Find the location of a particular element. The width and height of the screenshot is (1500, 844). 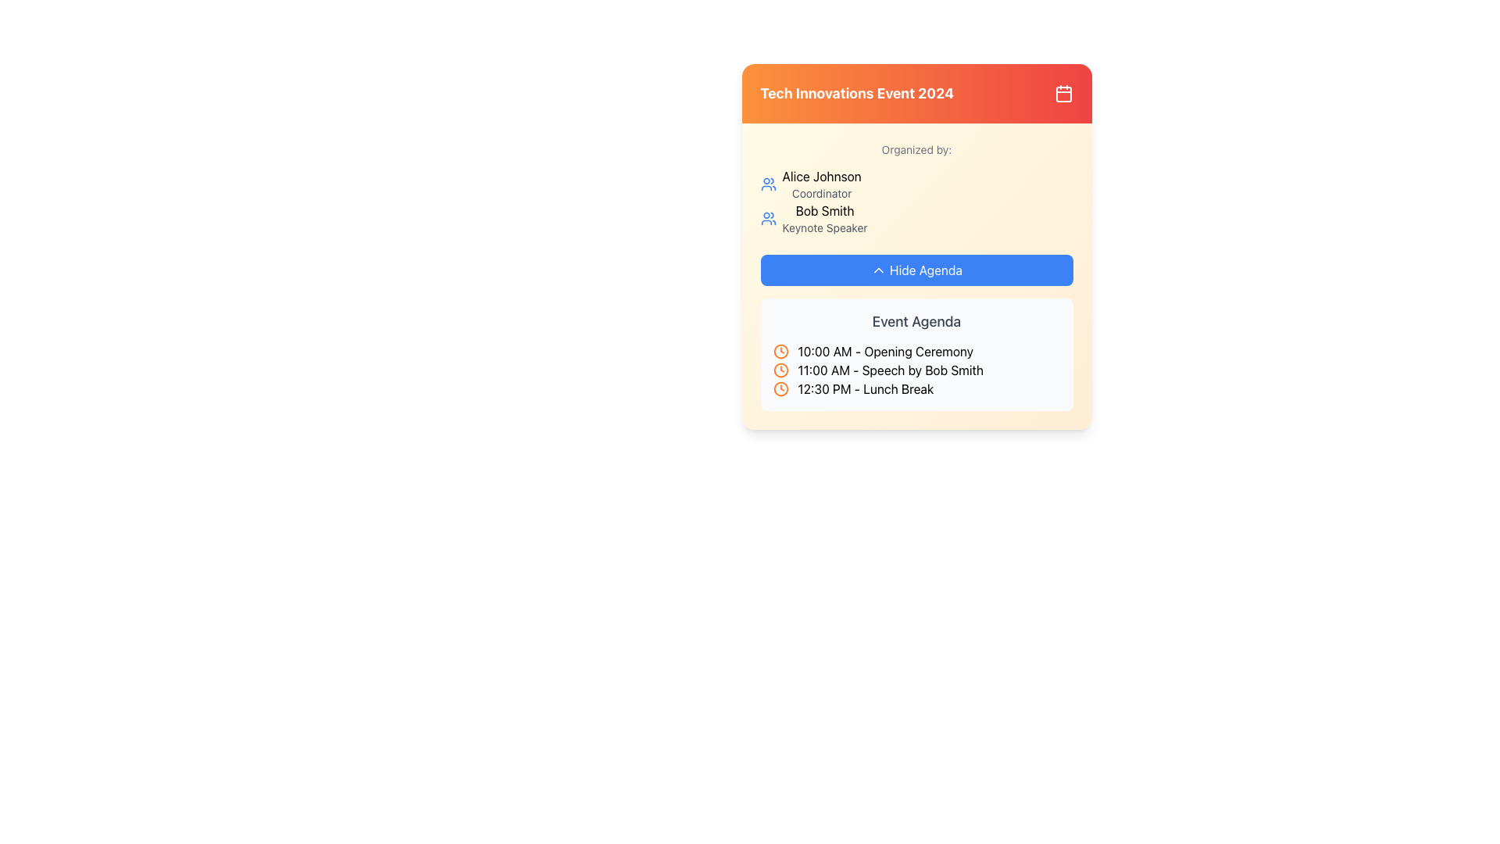

text content of the Text Label identifying 'Alice Johnson' with the title 'Coordinator', which is the first entry under the 'Organized by:' section is located at coordinates (821, 183).